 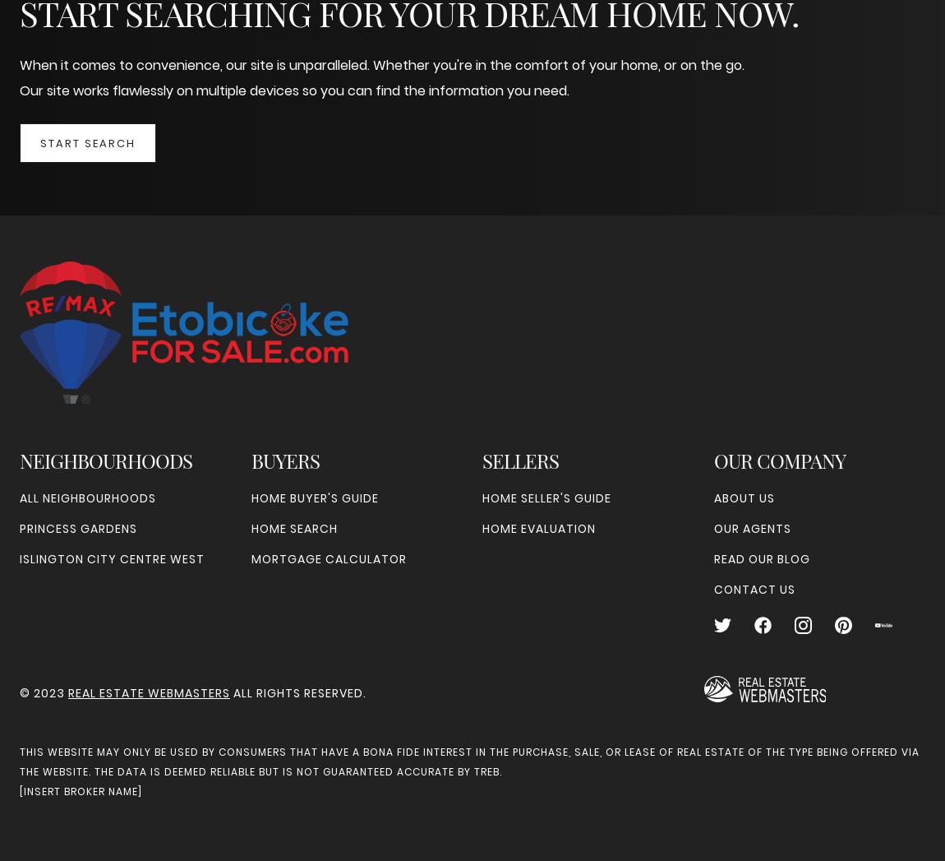 What do you see at coordinates (314, 498) in the screenshot?
I see `'Home Buyer's Guide'` at bounding box center [314, 498].